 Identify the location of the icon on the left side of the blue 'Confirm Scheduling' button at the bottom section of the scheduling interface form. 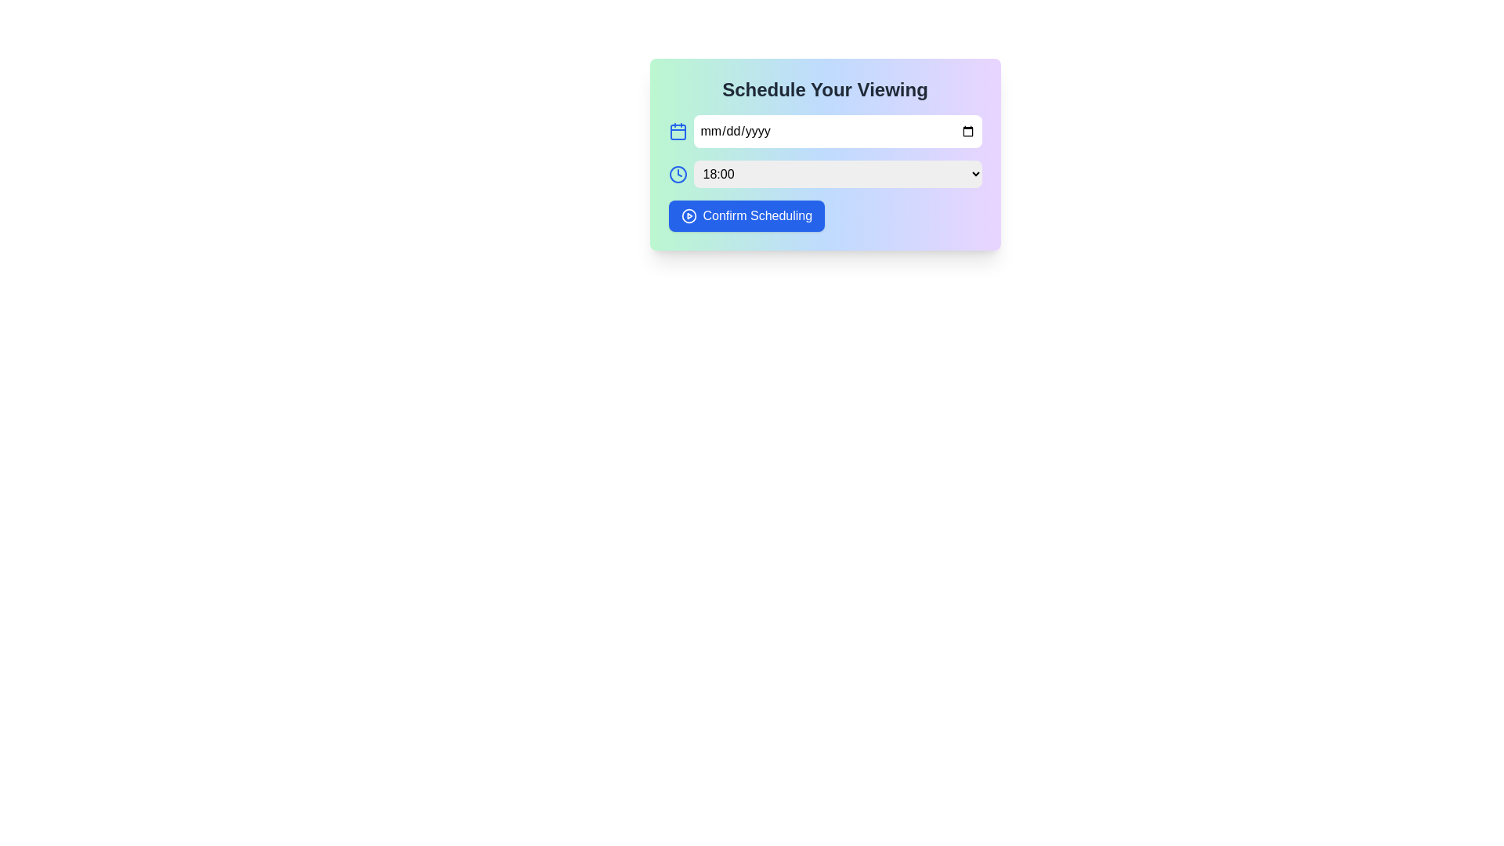
(689, 216).